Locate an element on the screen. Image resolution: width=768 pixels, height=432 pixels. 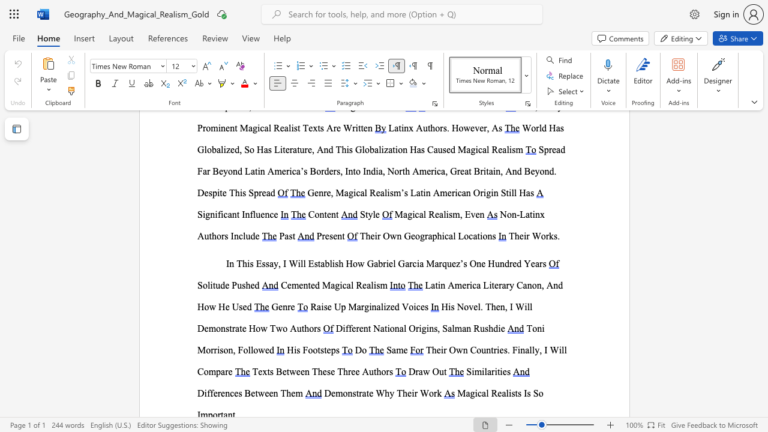
the subset text "Then, I Will Demonst" within the text "His Novel. Then, I Will Demonstrate How Two Authors" is located at coordinates (485, 306).